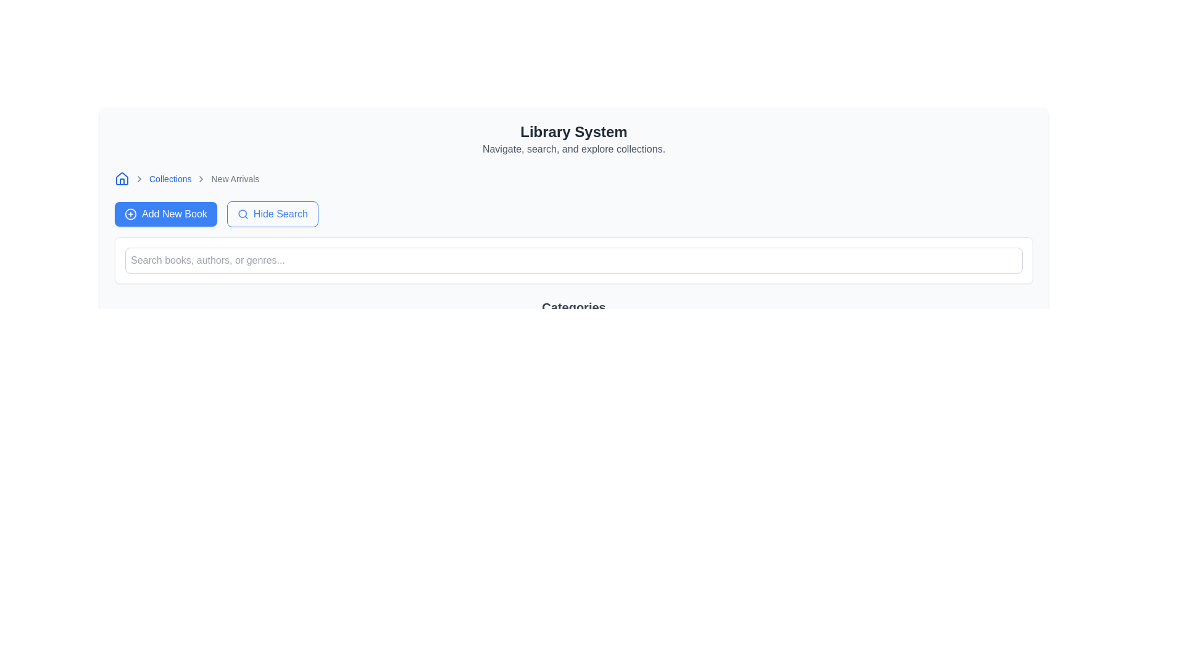 The width and height of the screenshot is (1185, 667). I want to click on the third right-pointing chevron icon in the breadcrumb navigation sequence, which is styled with a thin gray outline and positioned between 'Collections' and 'New Arrivals', so click(201, 178).